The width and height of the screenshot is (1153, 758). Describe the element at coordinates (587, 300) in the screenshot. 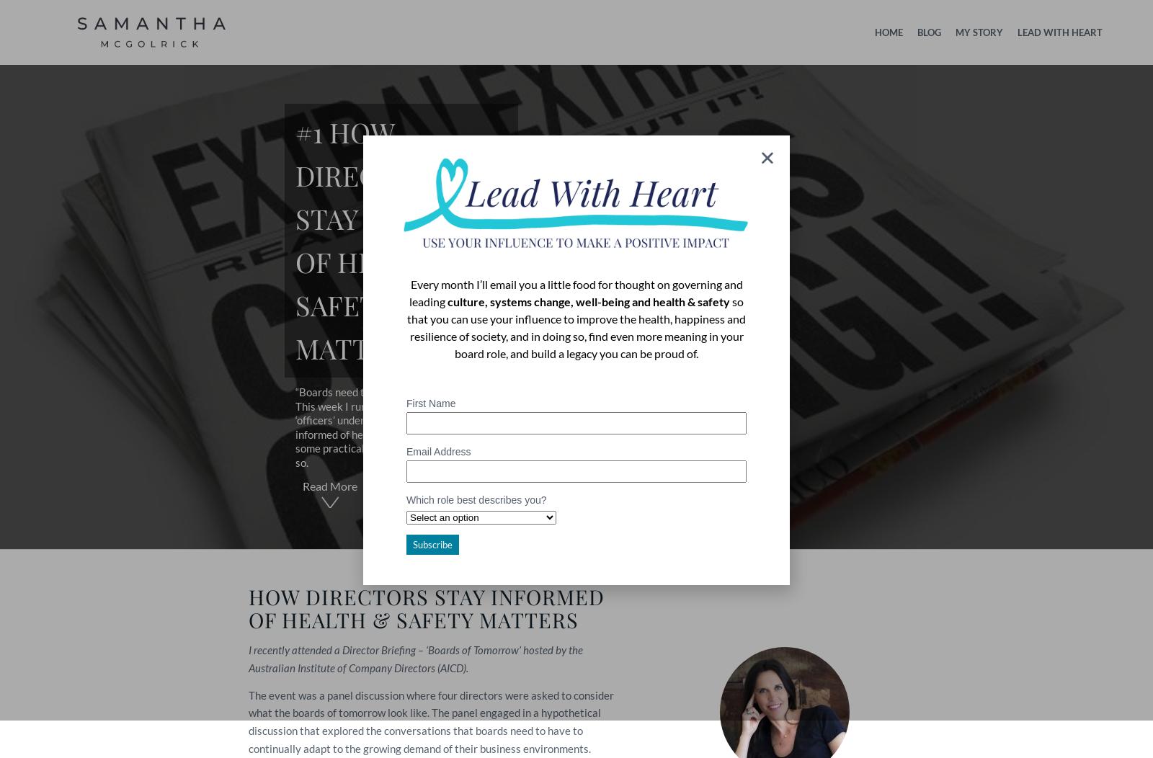

I see `'culture, systems change, well-being and health & safety'` at that location.